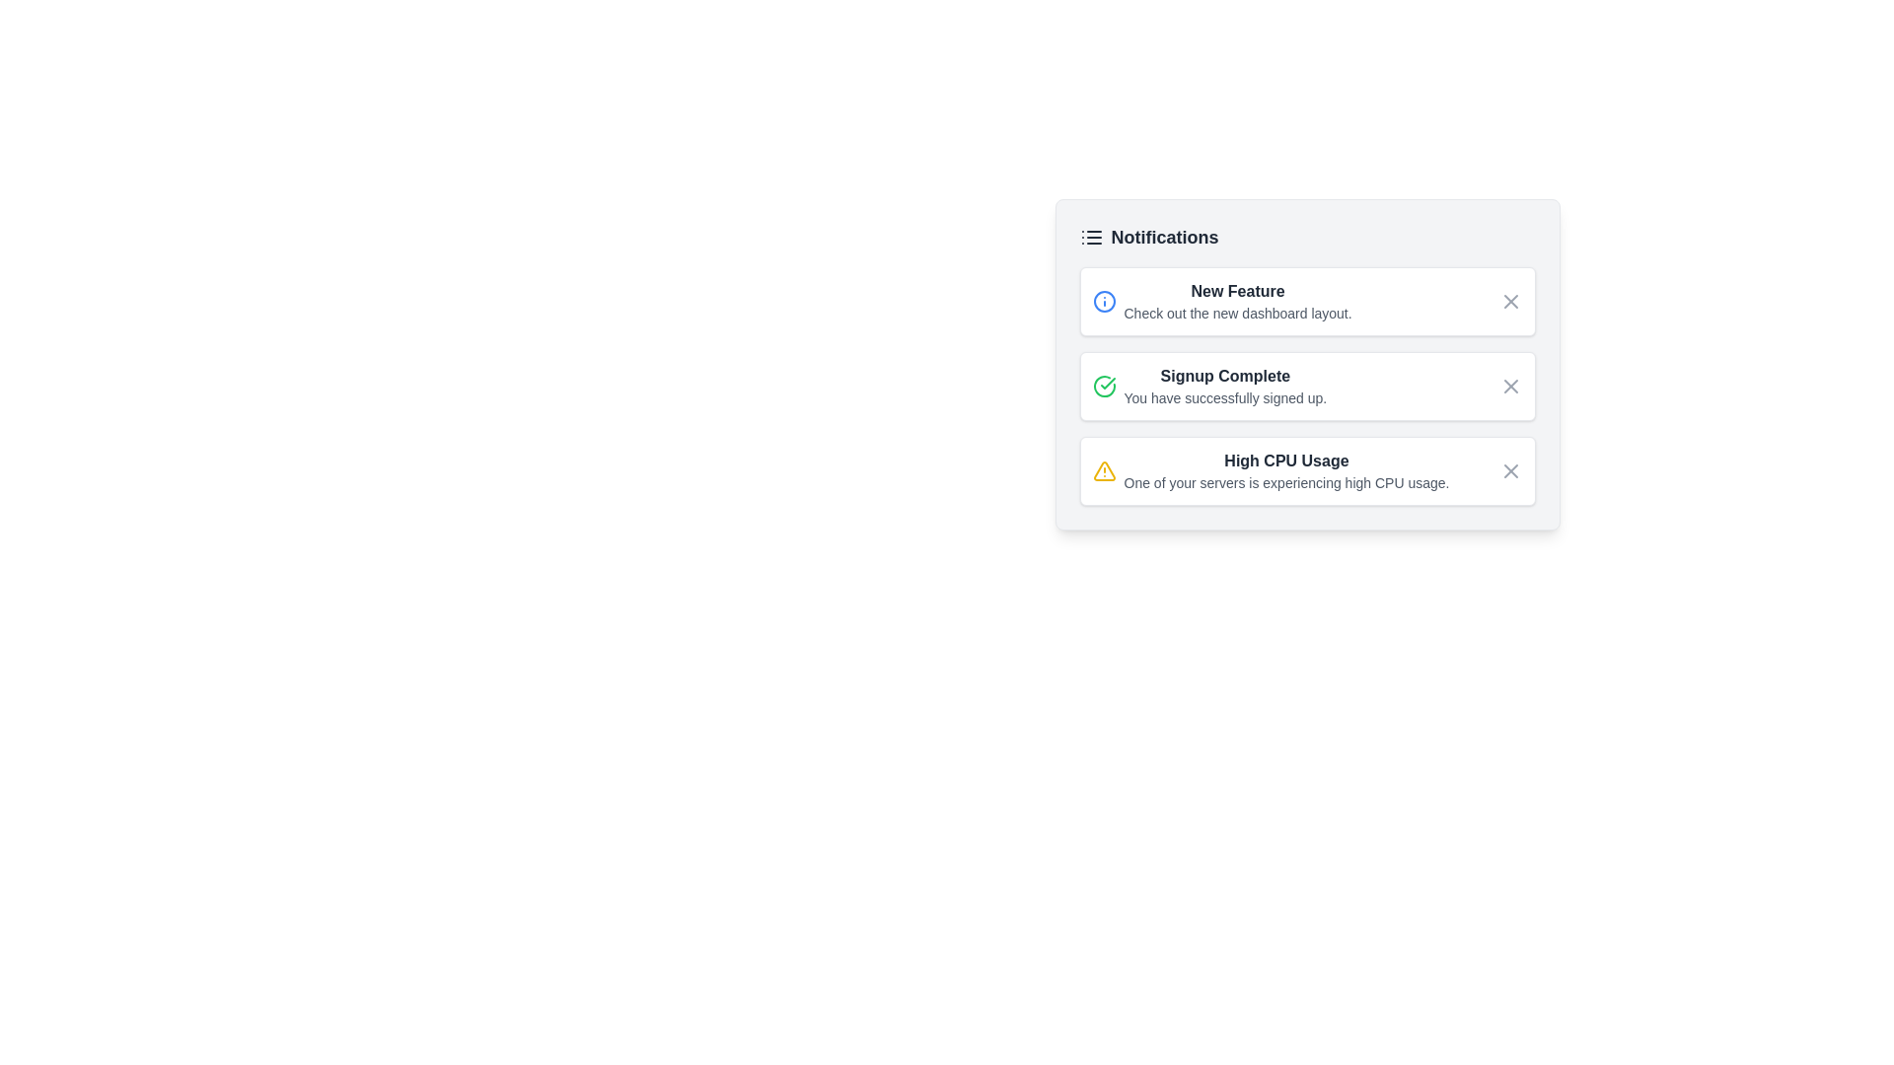 Image resolution: width=1894 pixels, height=1065 pixels. What do you see at coordinates (1224, 398) in the screenshot?
I see `confirmation message text 'You have successfully signed up.' located beneath the title 'Signup Complete' in the notification card` at bounding box center [1224, 398].